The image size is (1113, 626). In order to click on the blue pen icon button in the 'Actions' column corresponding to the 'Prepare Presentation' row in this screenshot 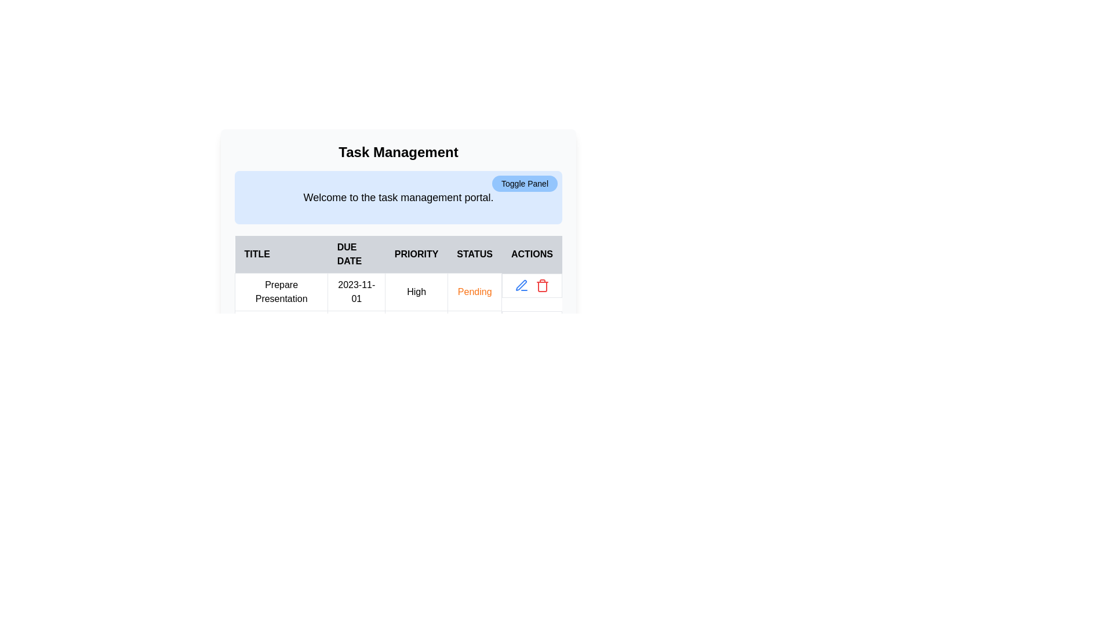, I will do `click(521, 285)`.